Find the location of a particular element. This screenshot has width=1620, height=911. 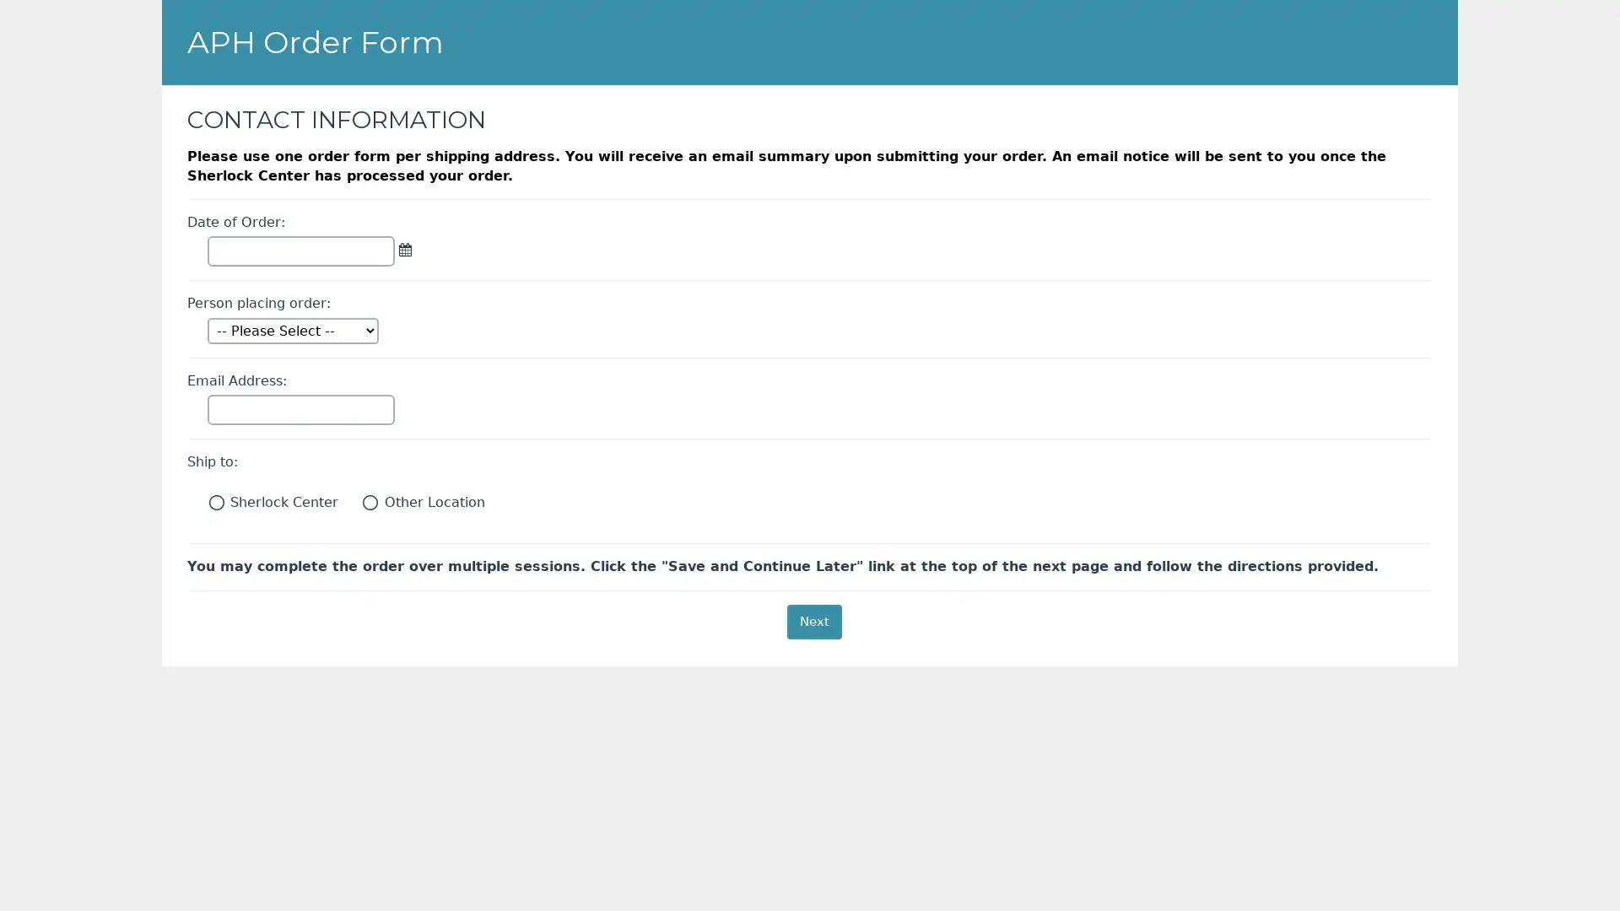

Next is located at coordinates (813, 621).